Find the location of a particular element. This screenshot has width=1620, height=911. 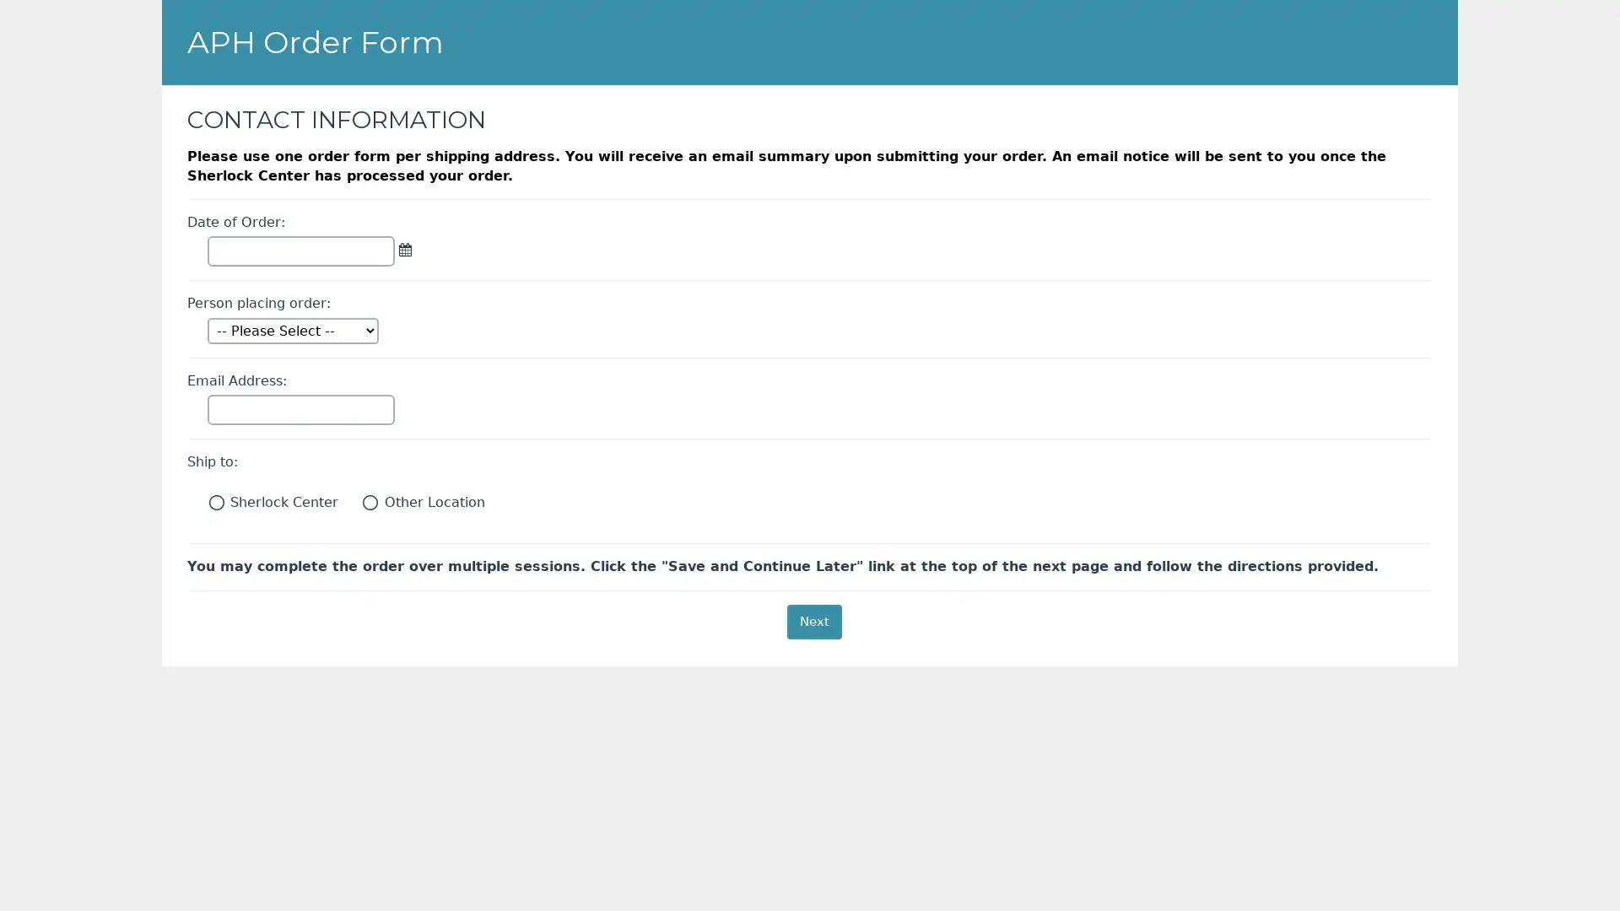

Next is located at coordinates (813, 621).